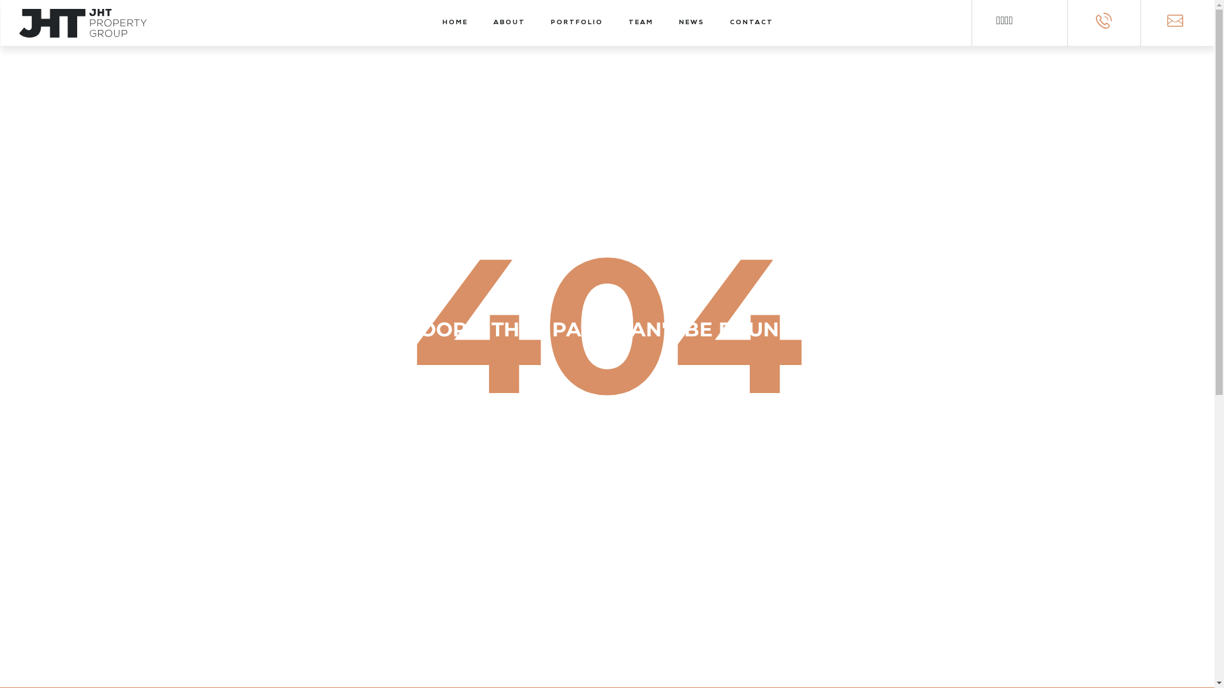  I want to click on 'TEAM', so click(641, 22).